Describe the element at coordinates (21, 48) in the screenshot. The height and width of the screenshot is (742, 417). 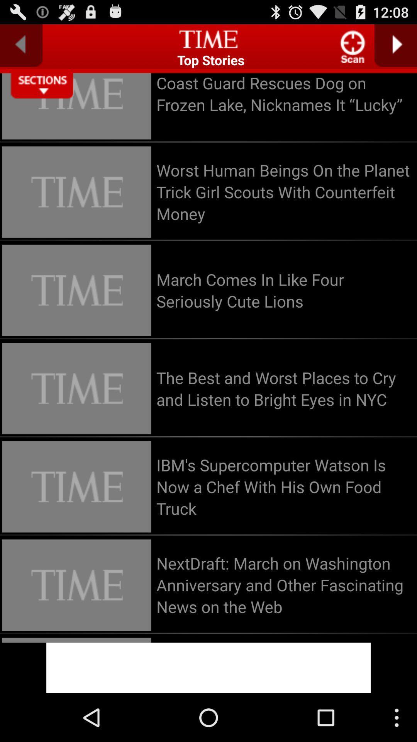
I see `the arrow_backward icon` at that location.